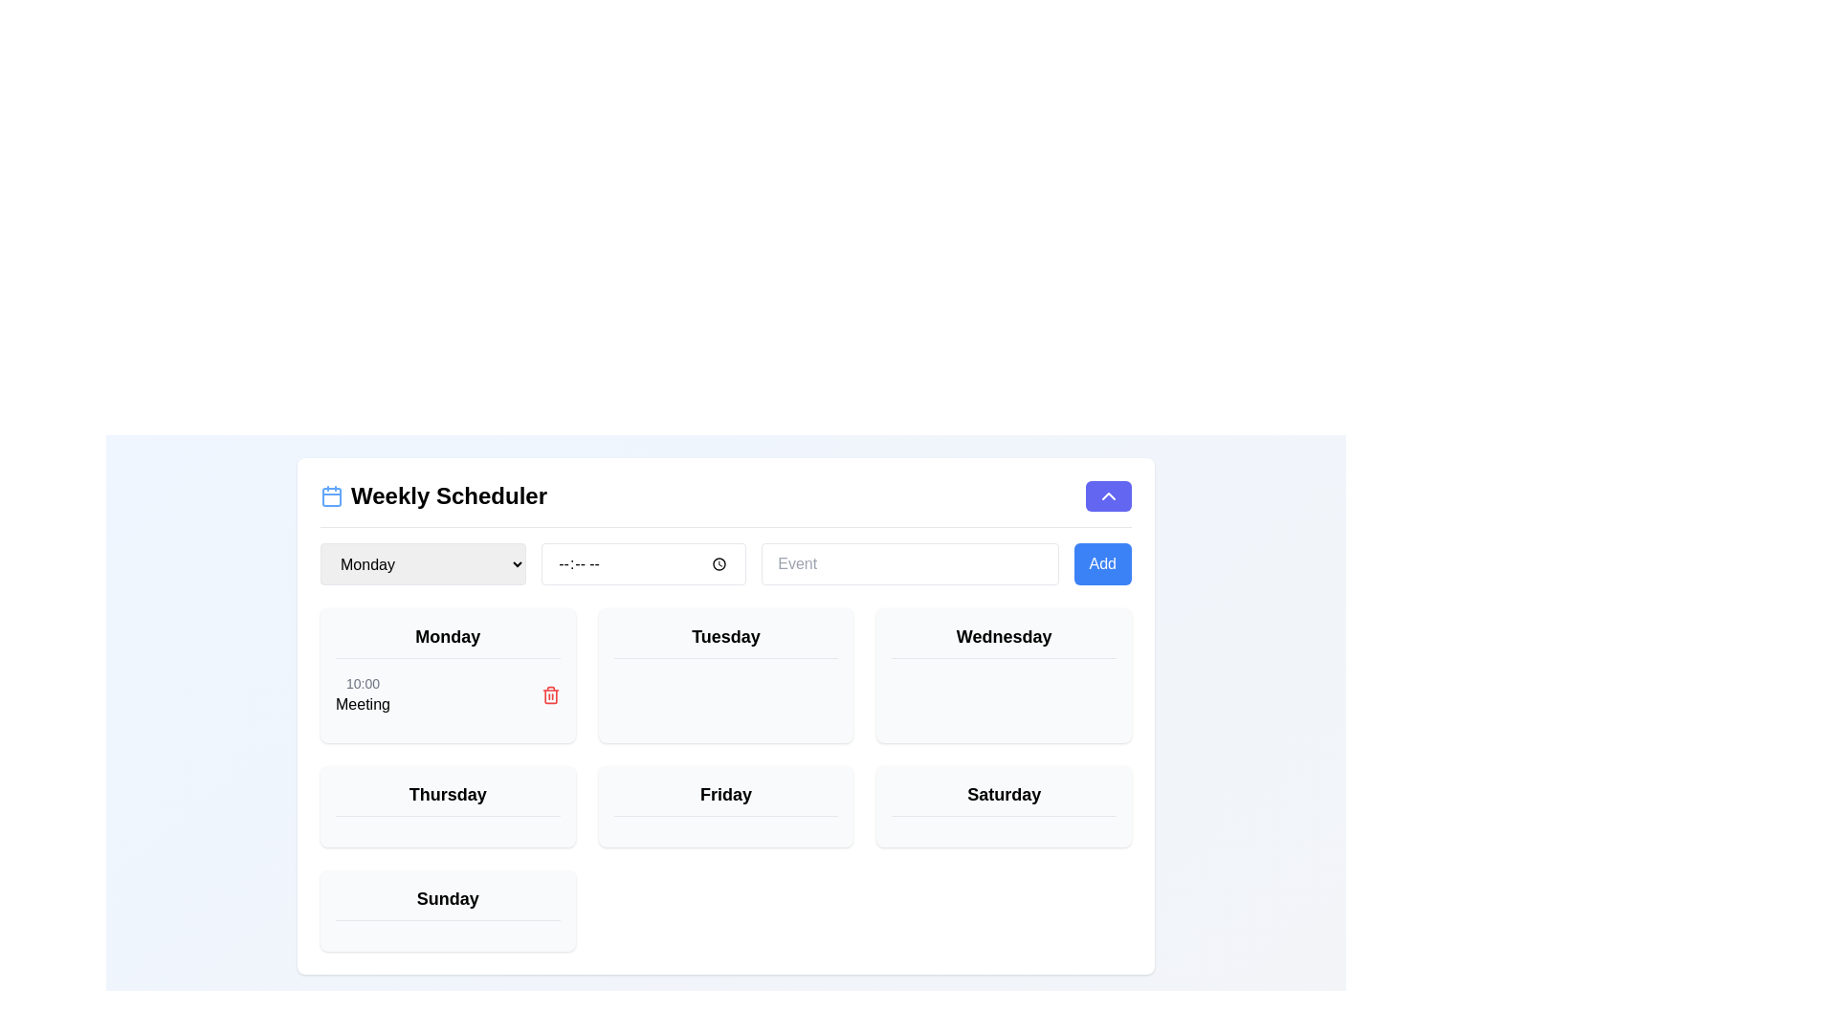 This screenshot has height=1033, width=1837. I want to click on the text label that reads 'Friday' in the weekly scheduler grid interface, located in the bottom row, second column, with a bold font style and a light horizontal line beneath it, so click(724, 799).